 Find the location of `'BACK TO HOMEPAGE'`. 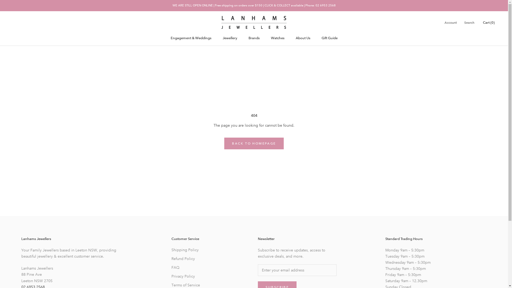

'BACK TO HOMEPAGE' is located at coordinates (253, 143).